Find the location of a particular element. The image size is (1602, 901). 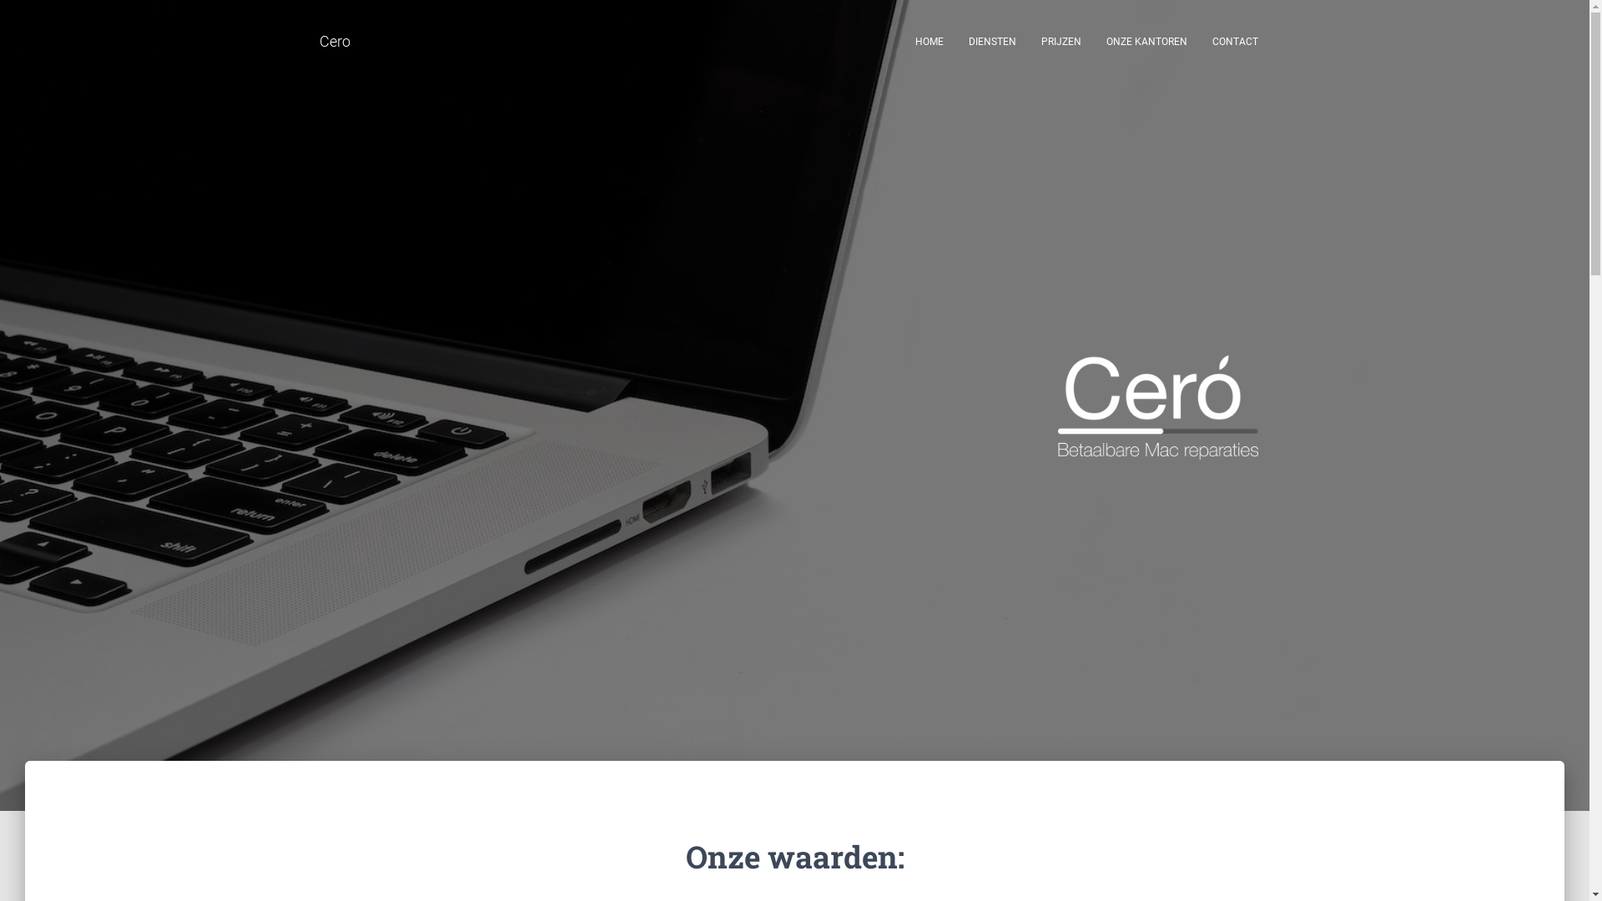

'CONTACT' is located at coordinates (1199, 41).